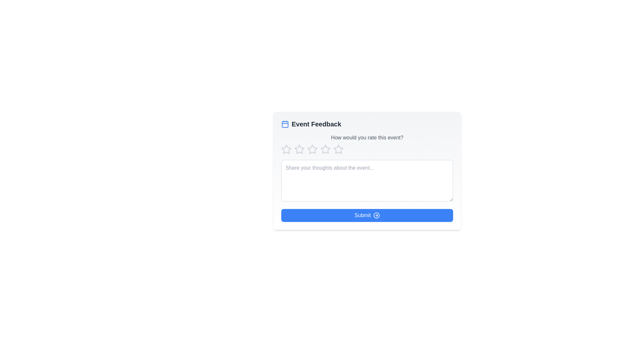 The image size is (625, 351). Describe the element at coordinates (286, 149) in the screenshot. I see `the first star icon for rating, which is a light gray outlined star located beneath the 'How would you rate this event?' text` at that location.